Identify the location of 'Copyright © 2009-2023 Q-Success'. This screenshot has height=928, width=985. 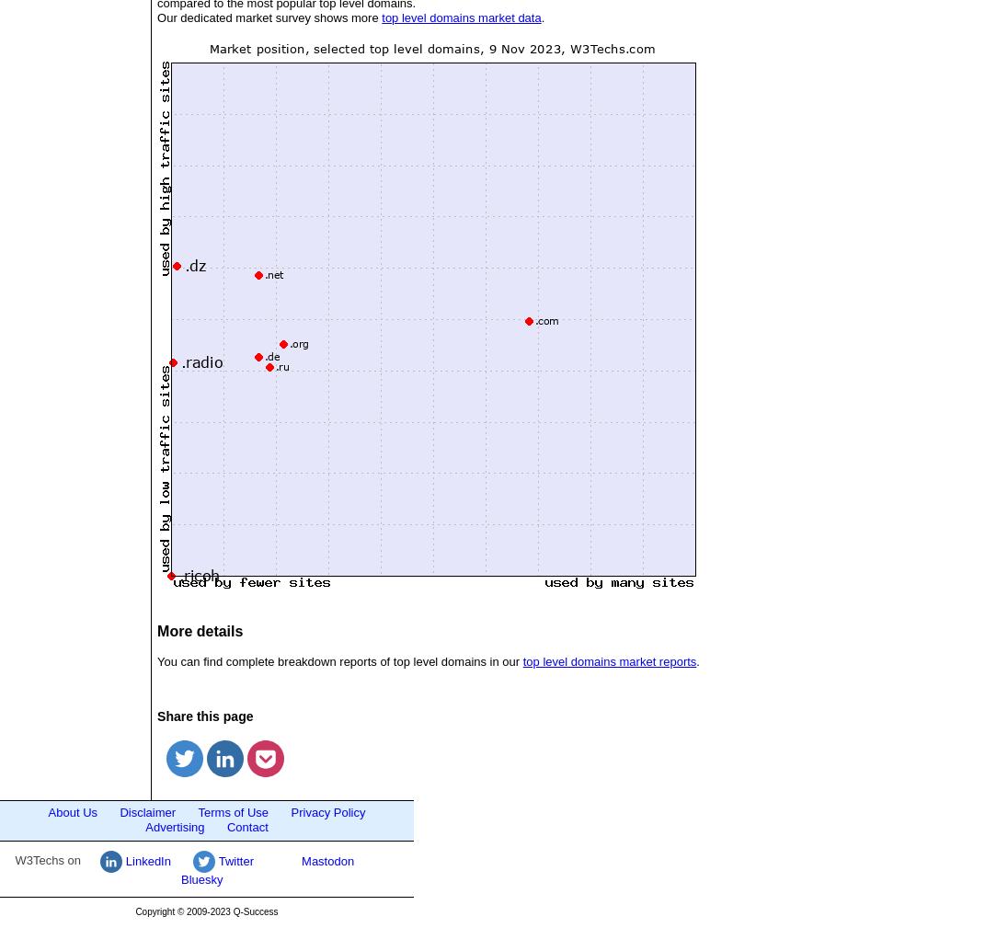
(205, 911).